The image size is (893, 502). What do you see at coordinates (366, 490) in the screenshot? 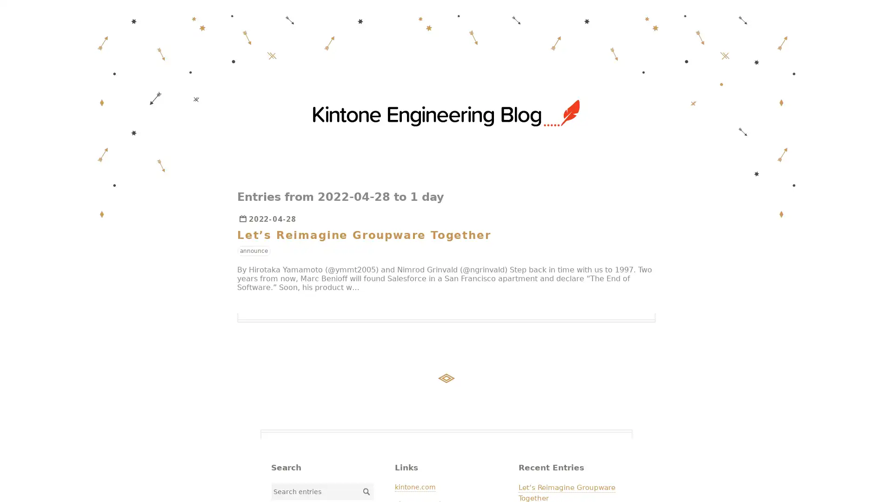
I see `Search` at bounding box center [366, 490].